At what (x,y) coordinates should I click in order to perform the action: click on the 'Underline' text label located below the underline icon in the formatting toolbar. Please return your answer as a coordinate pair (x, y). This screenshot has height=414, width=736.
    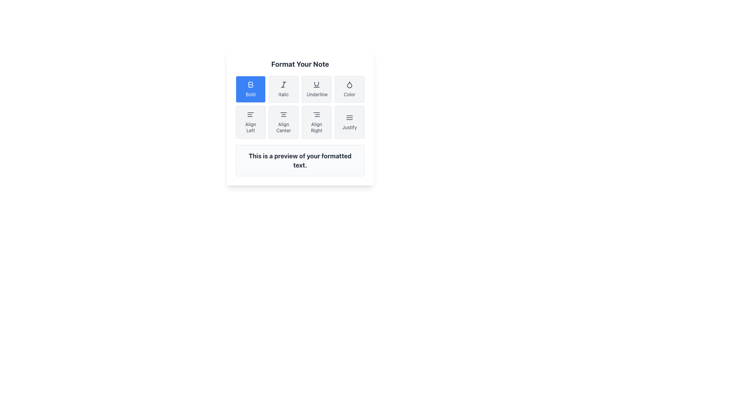
    Looking at the image, I should click on (316, 94).